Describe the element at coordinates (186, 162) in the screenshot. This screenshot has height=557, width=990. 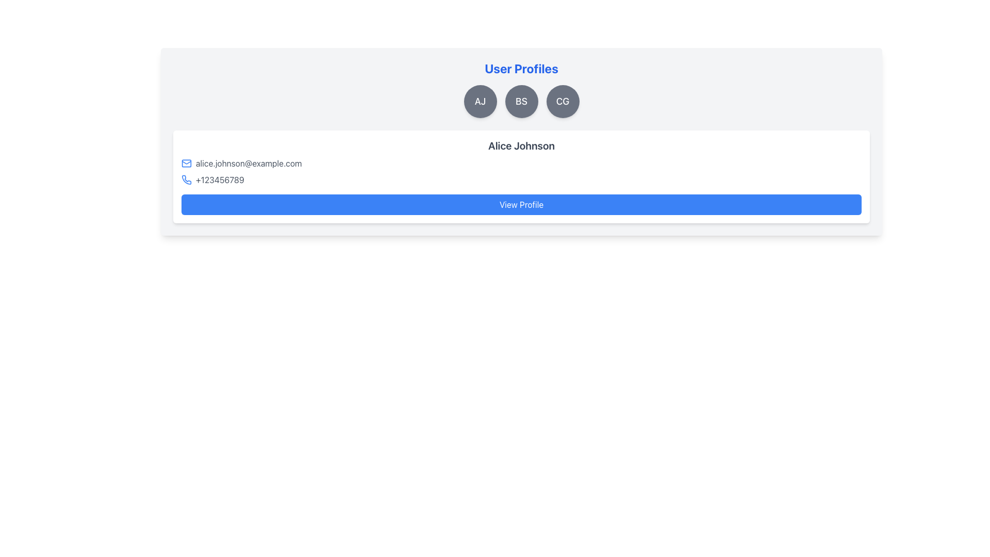
I see `the decorative envelope icon that signifies email communication, located adjacent to the email text 'alice.johnson@example.com' in the profile card section` at that location.